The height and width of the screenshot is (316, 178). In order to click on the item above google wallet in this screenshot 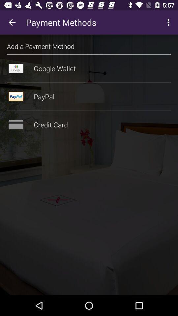, I will do `click(89, 54)`.